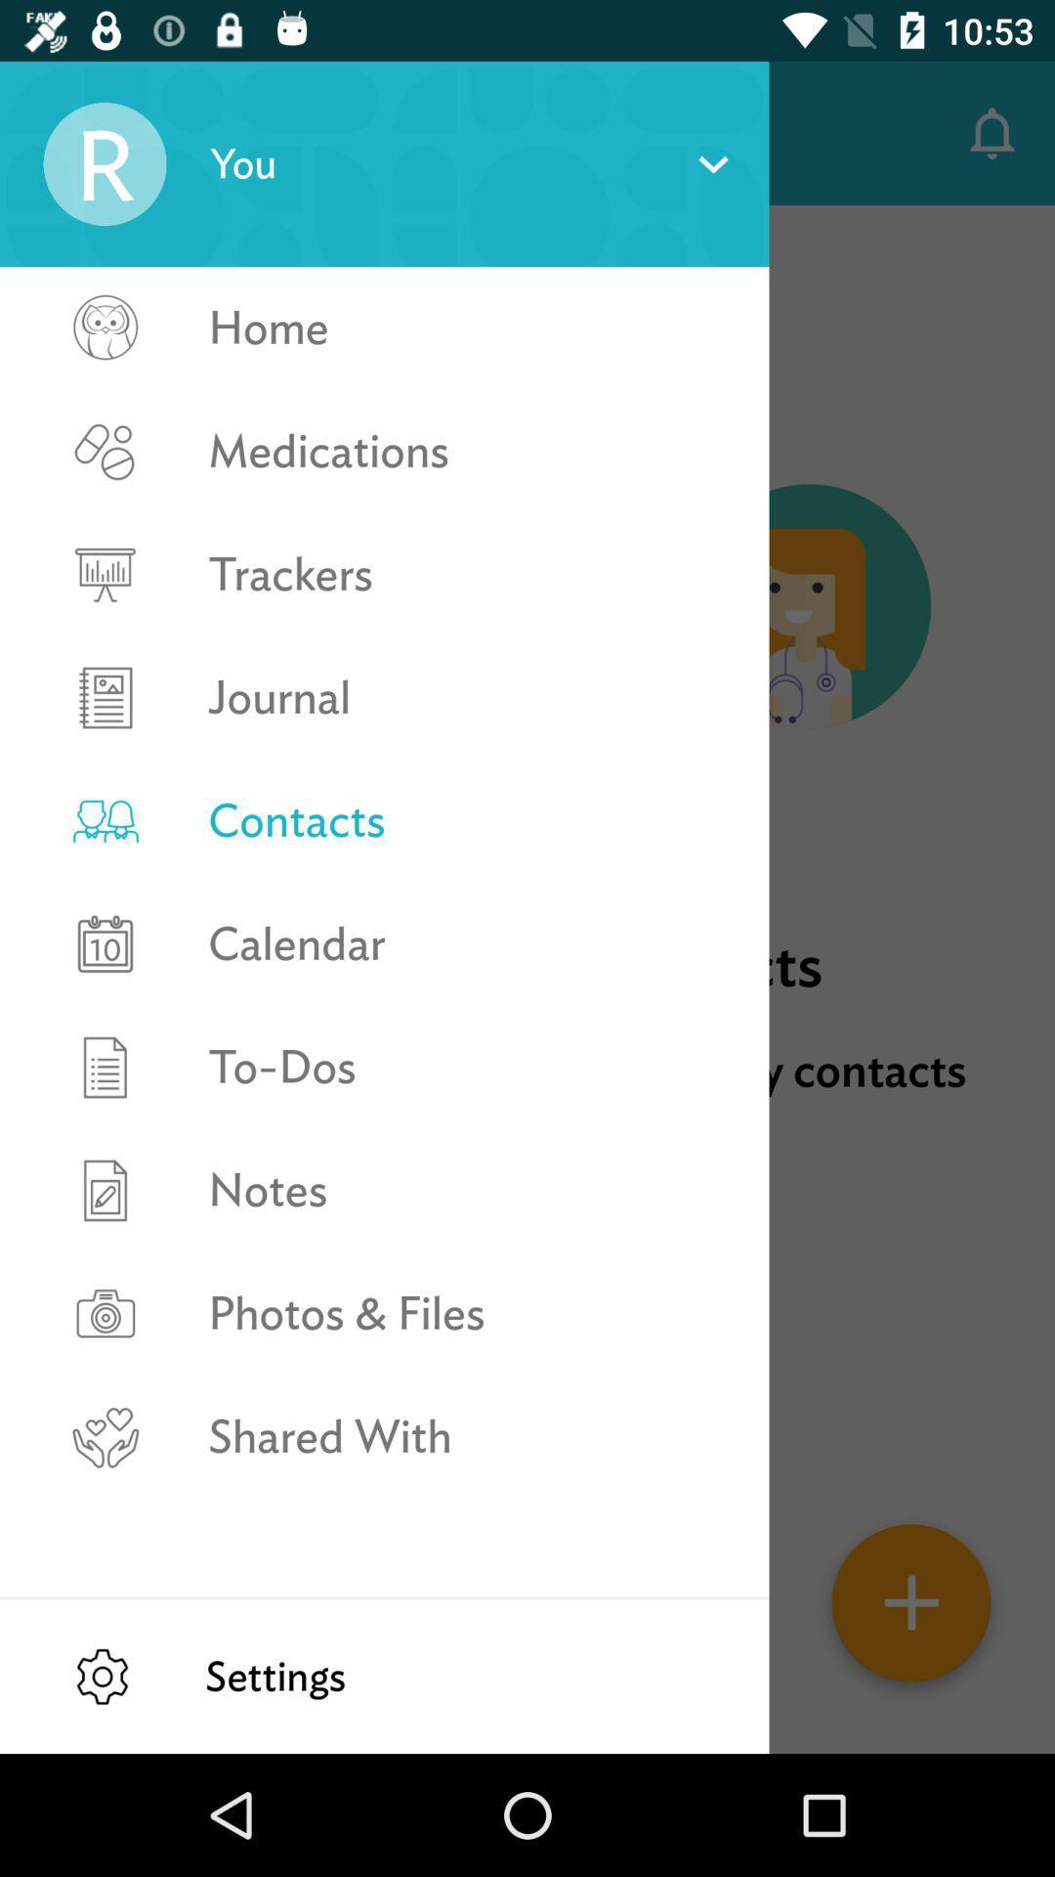 The image size is (1055, 1877). What do you see at coordinates (468, 1313) in the screenshot?
I see `the photos & files icon` at bounding box center [468, 1313].